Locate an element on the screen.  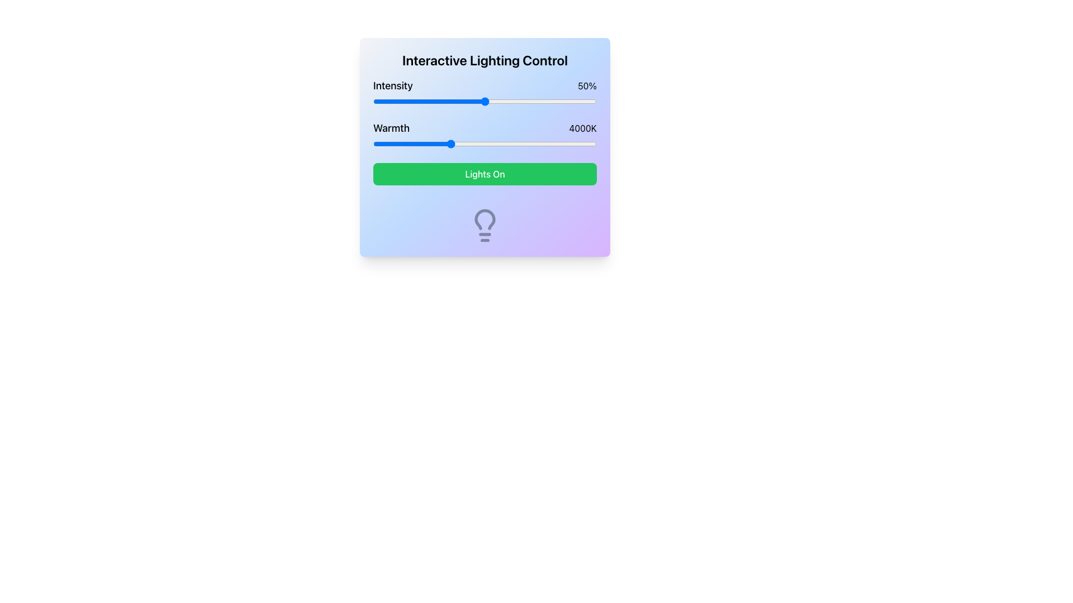
warmth is located at coordinates (479, 143).